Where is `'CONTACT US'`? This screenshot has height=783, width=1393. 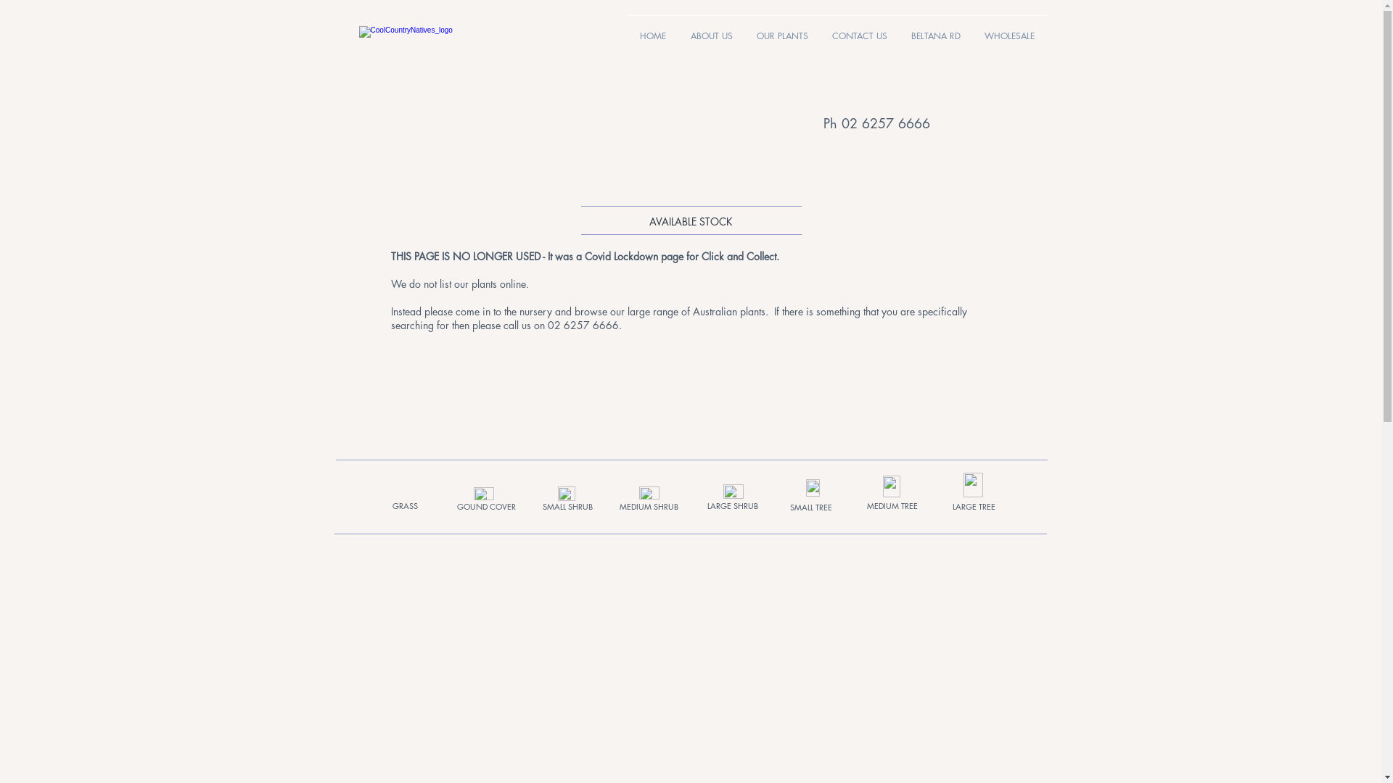 'CONTACT US' is located at coordinates (859, 30).